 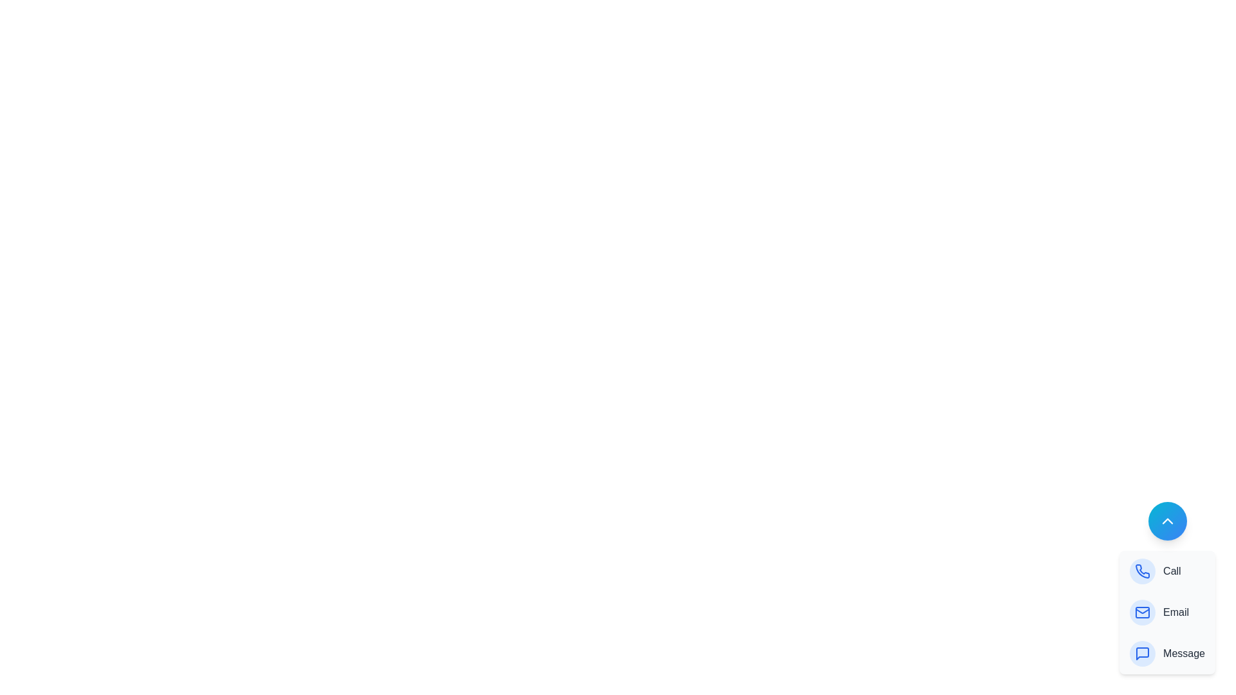 I want to click on the 'Email' option in the ContactSpeedDial menu, so click(x=1167, y=612).